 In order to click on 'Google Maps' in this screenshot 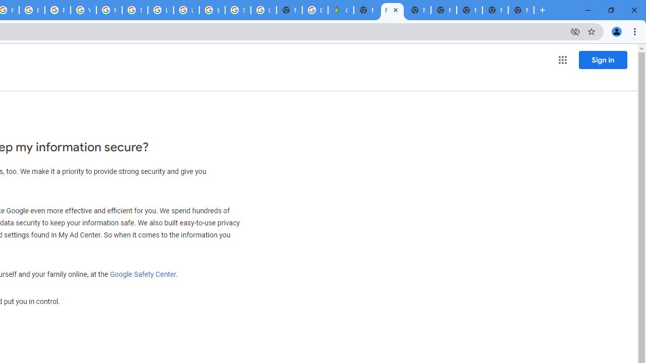, I will do `click(341, 10)`.